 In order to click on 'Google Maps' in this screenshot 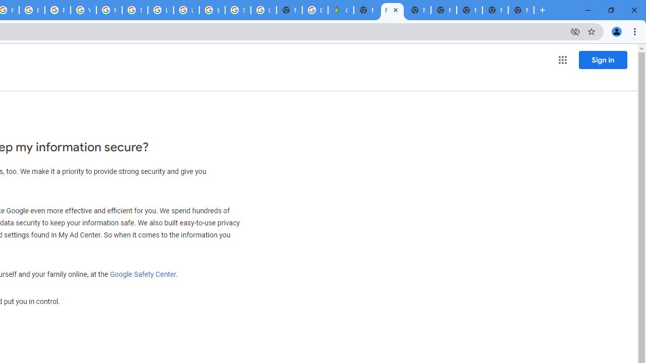, I will do `click(341, 10)`.